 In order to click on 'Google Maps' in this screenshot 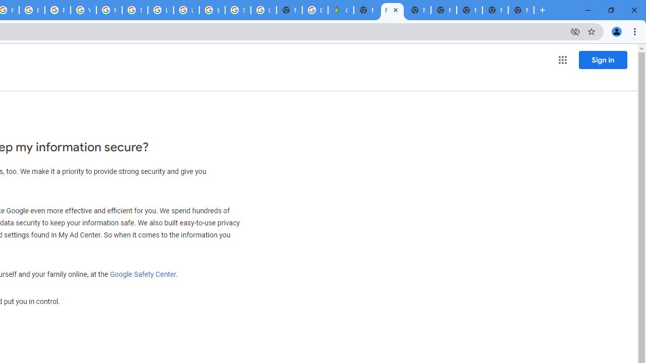, I will do `click(341, 10)`.